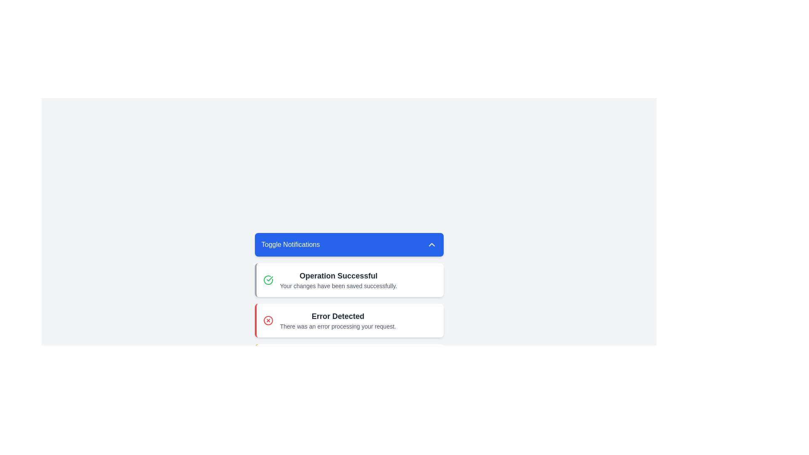 The image size is (809, 455). Describe the element at coordinates (431, 245) in the screenshot. I see `the chevron-up icon located on the far-right side of the 'Toggle Notifications' button` at that location.